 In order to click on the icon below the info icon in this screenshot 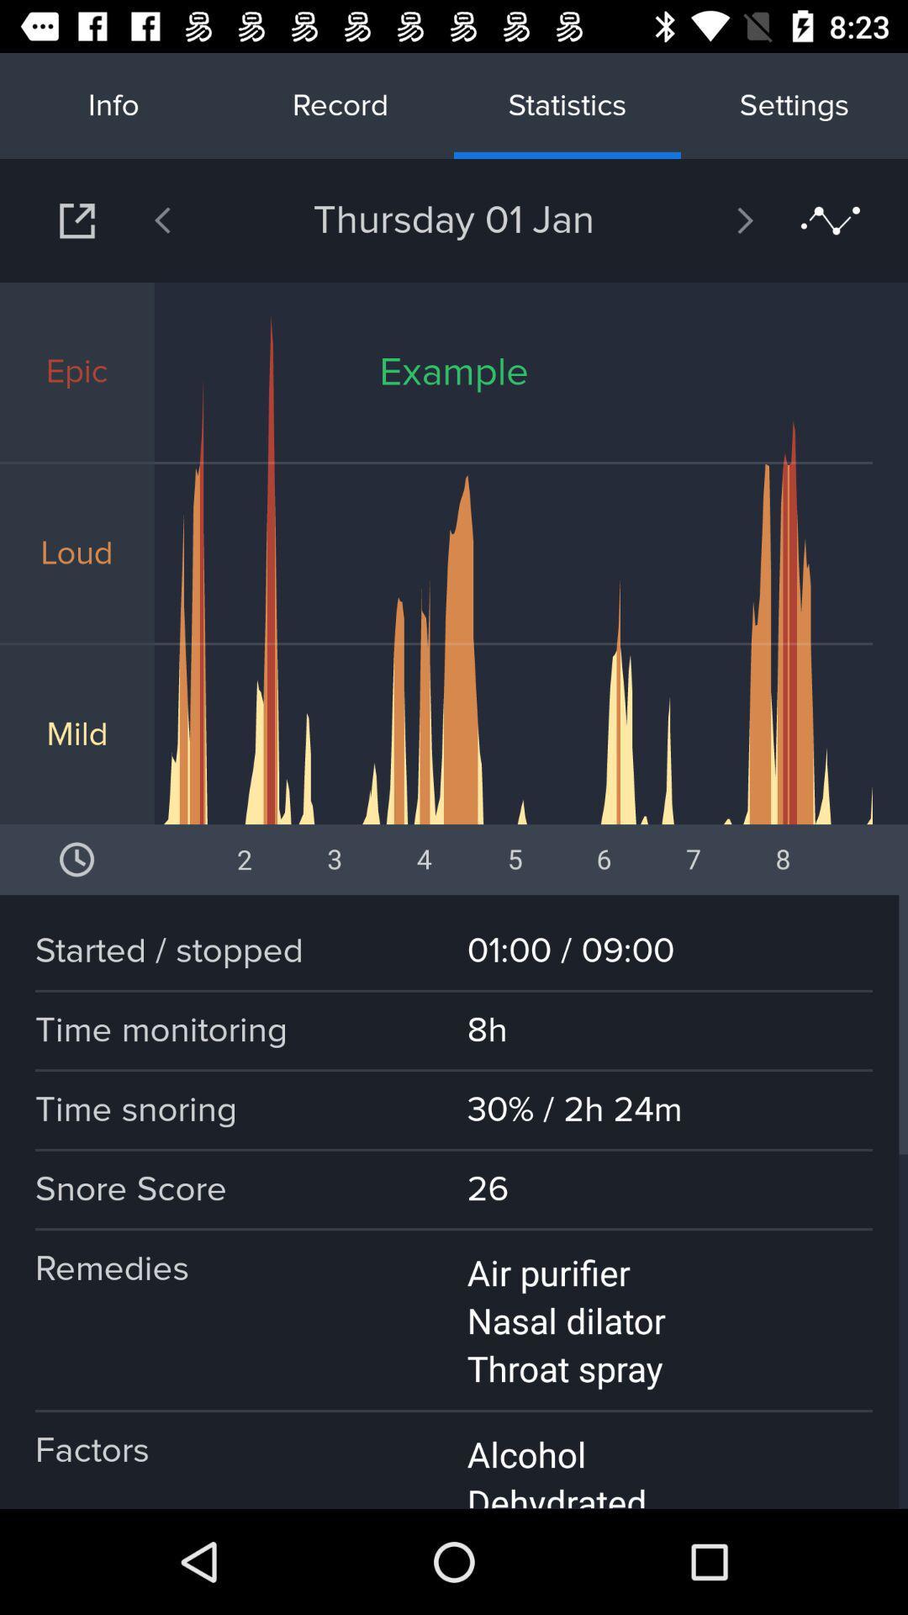, I will do `click(77, 220)`.